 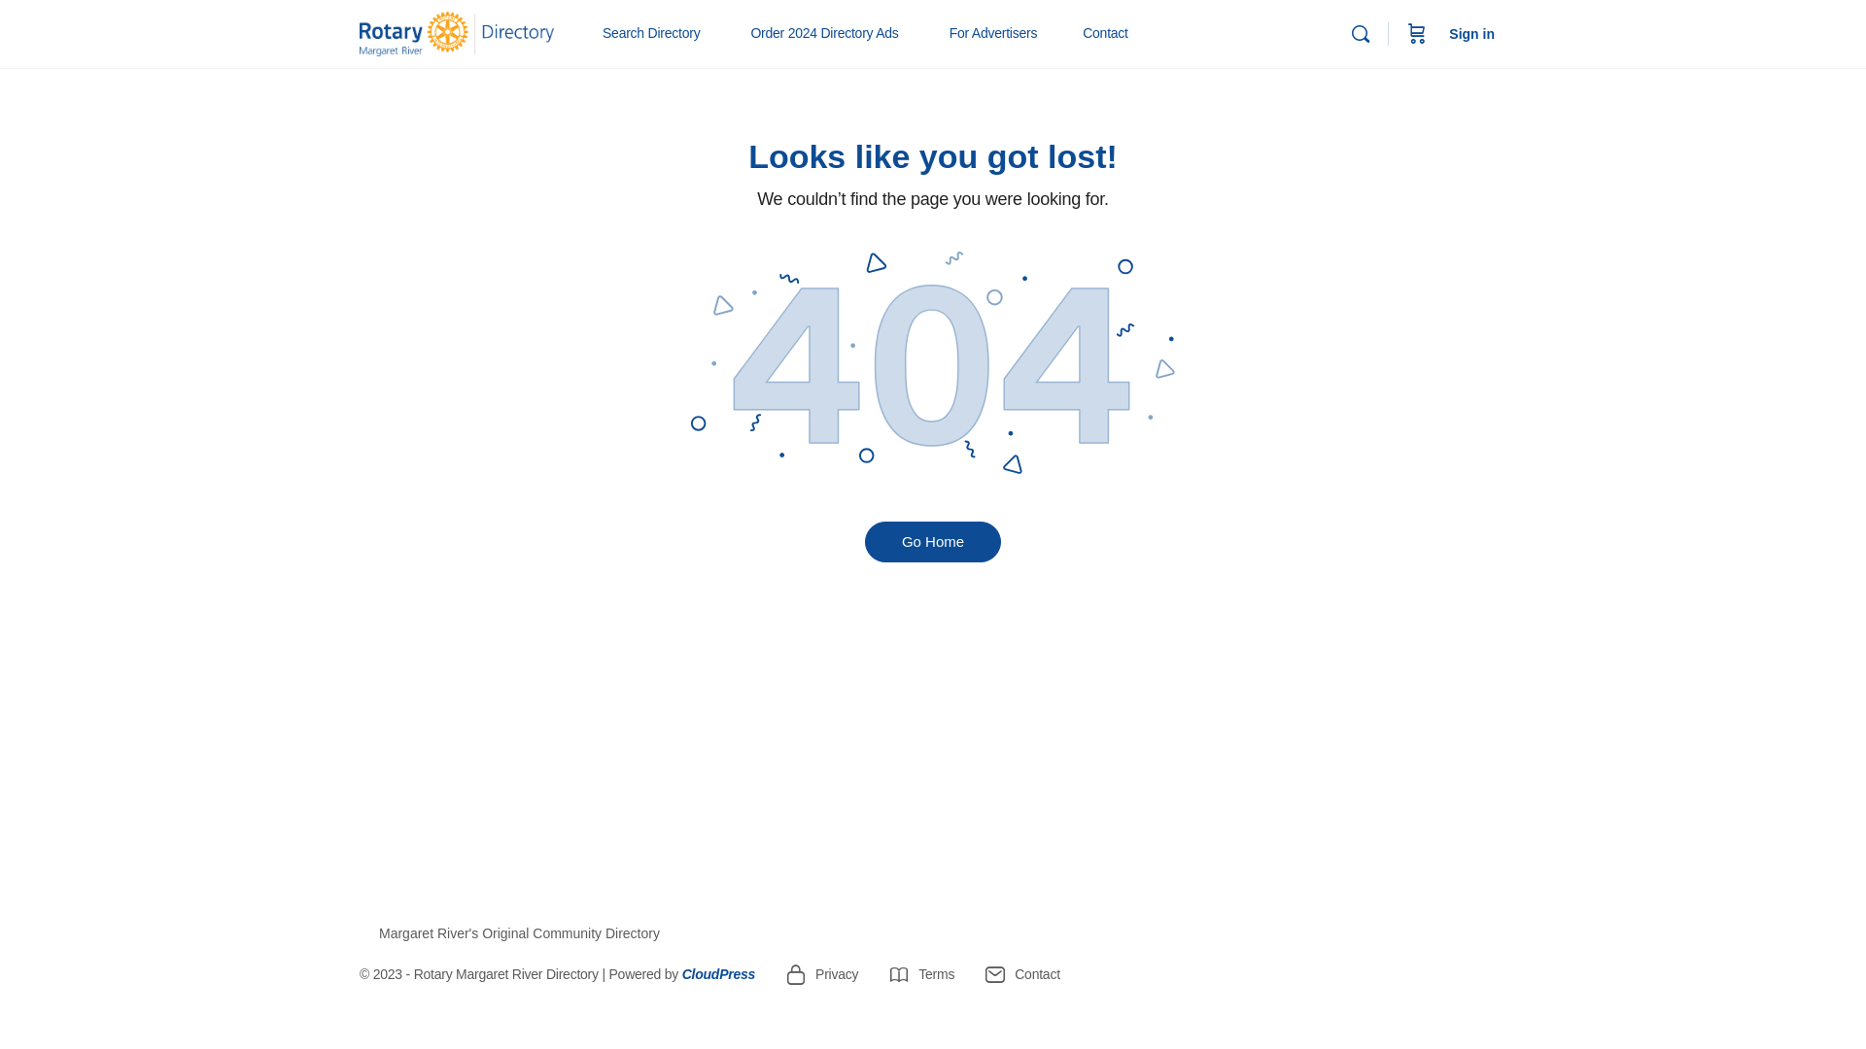 What do you see at coordinates (717, 973) in the screenshot?
I see `'CloudPress'` at bounding box center [717, 973].